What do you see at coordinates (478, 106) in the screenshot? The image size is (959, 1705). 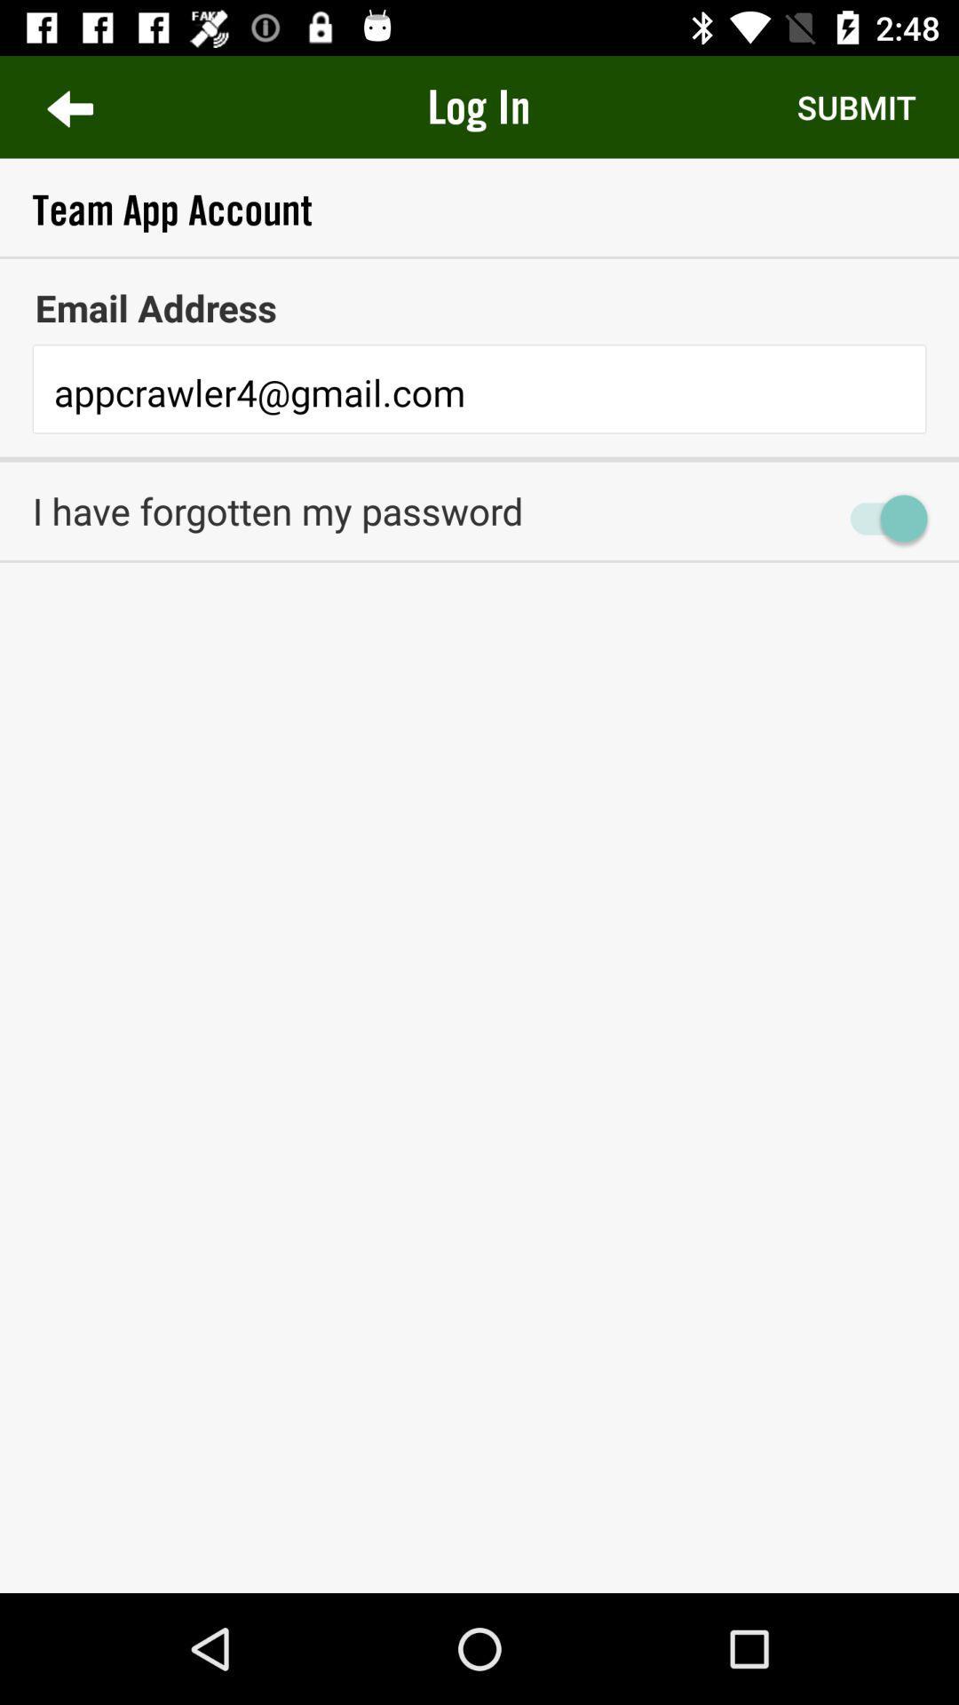 I see `the item above team app account` at bounding box center [478, 106].